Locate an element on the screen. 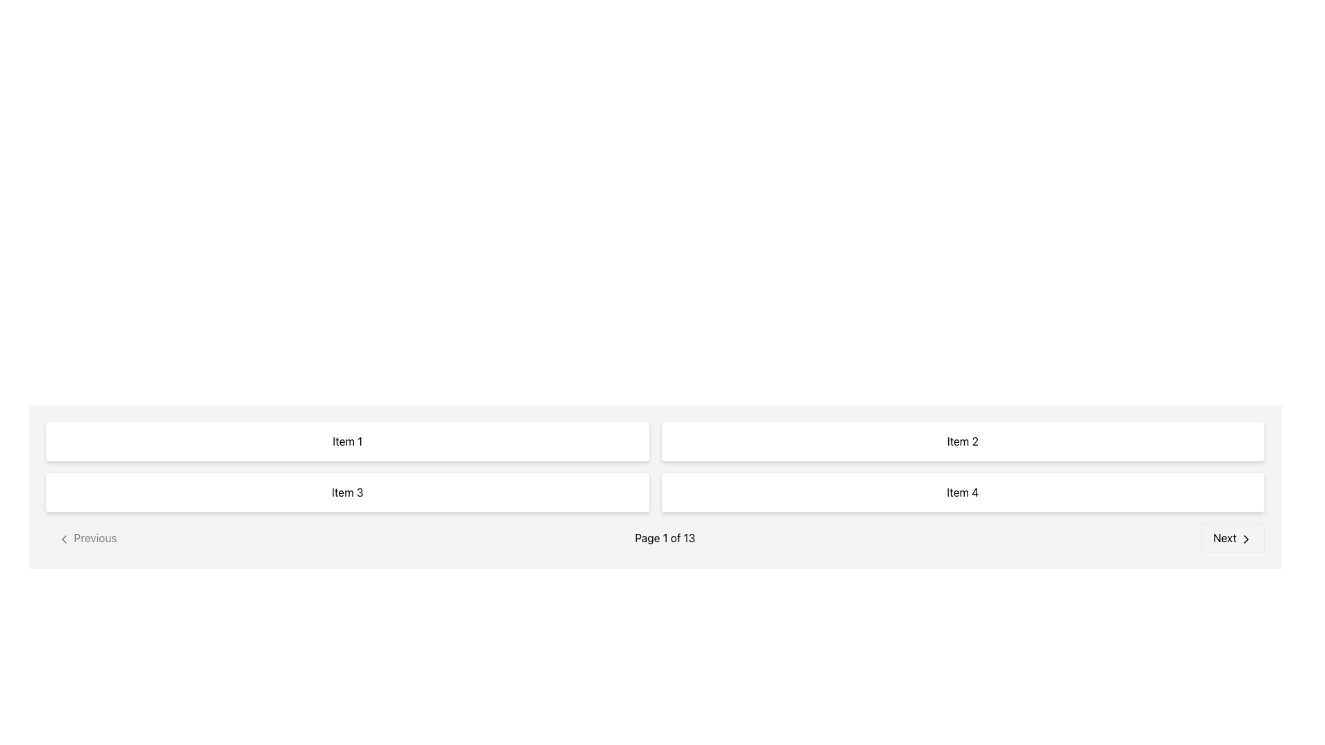 The height and width of the screenshot is (745, 1325). the icon inside the 'Previous' button located on the left side of the navigation bar at the lower section of the viewport is located at coordinates (63, 537).